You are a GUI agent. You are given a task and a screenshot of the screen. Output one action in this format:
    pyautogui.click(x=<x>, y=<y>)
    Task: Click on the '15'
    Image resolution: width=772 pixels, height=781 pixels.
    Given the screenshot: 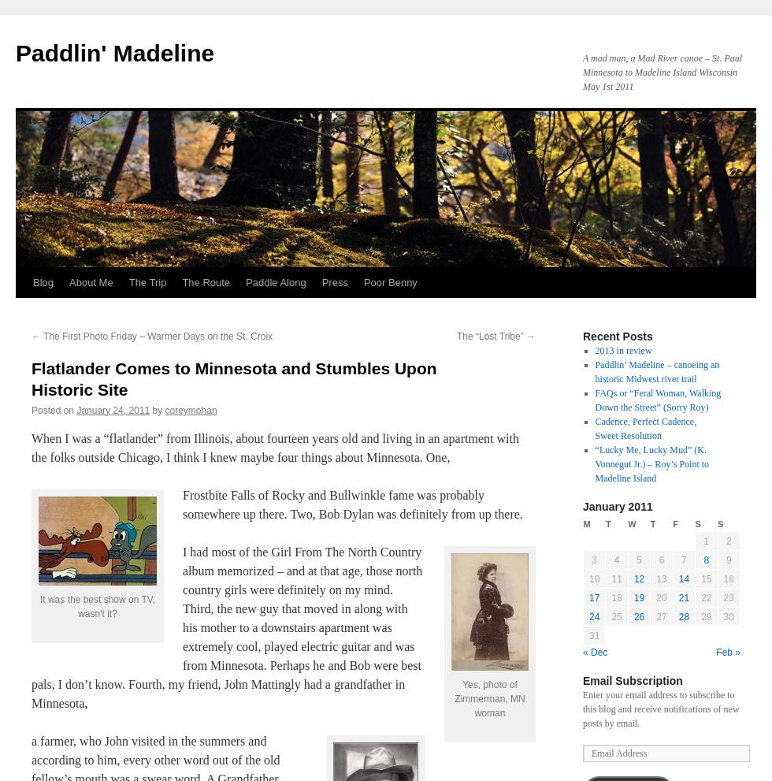 What is the action you would take?
    pyautogui.click(x=706, y=578)
    